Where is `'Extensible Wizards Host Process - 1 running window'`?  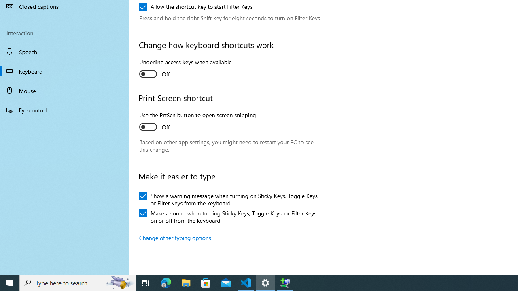
'Extensible Wizards Host Process - 1 running window' is located at coordinates (285, 282).